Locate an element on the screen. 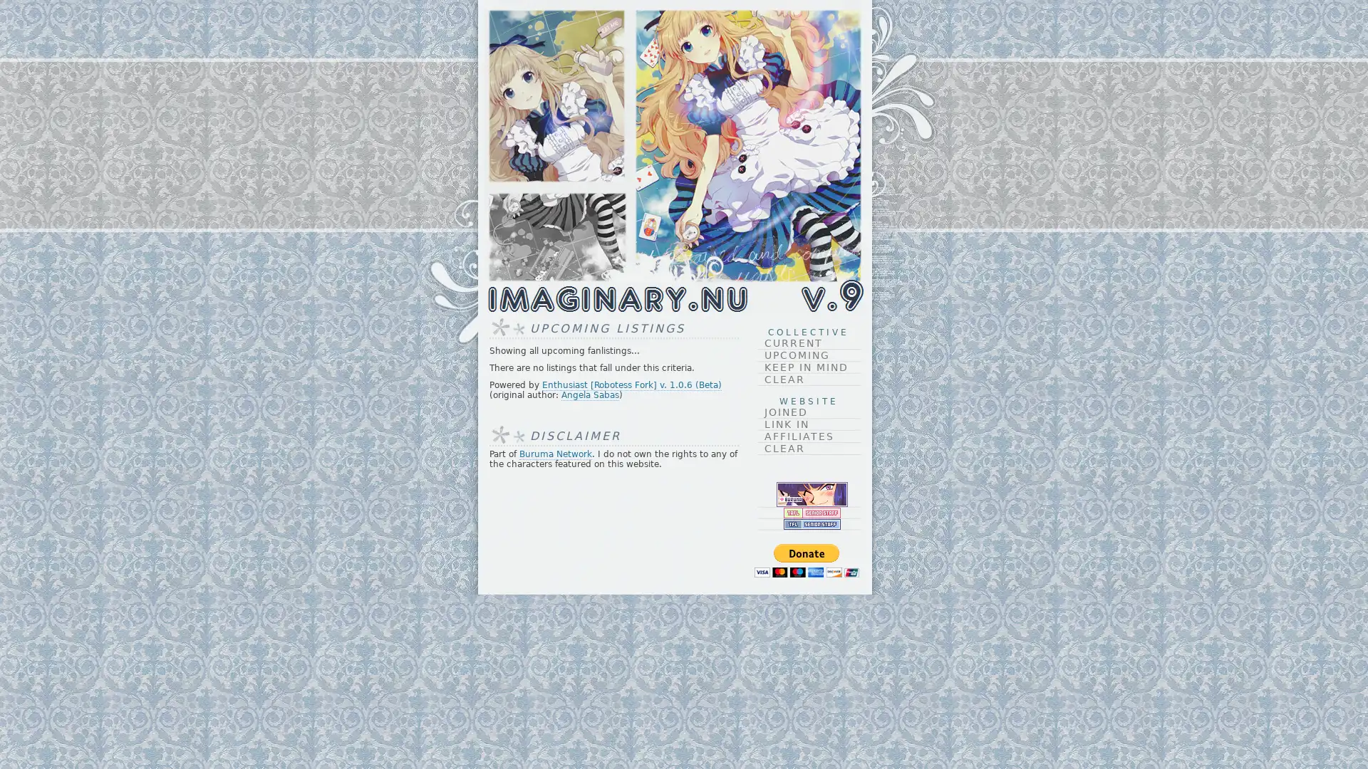 This screenshot has width=1368, height=769. PayPal - The safer, easier way to pay online! is located at coordinates (806, 560).